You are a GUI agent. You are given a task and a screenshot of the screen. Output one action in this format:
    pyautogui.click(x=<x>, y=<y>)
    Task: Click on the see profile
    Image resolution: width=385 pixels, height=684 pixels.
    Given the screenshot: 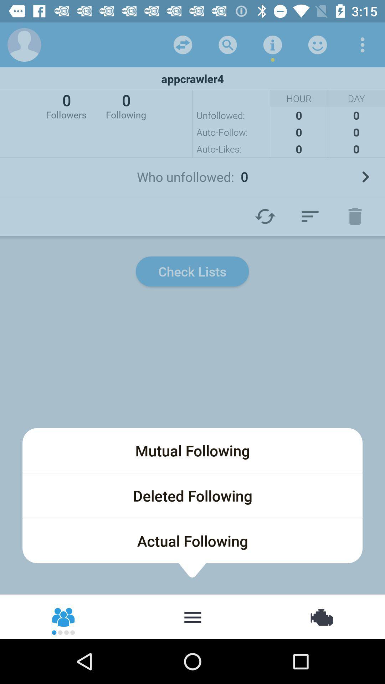 What is the action you would take?
    pyautogui.click(x=24, y=44)
    